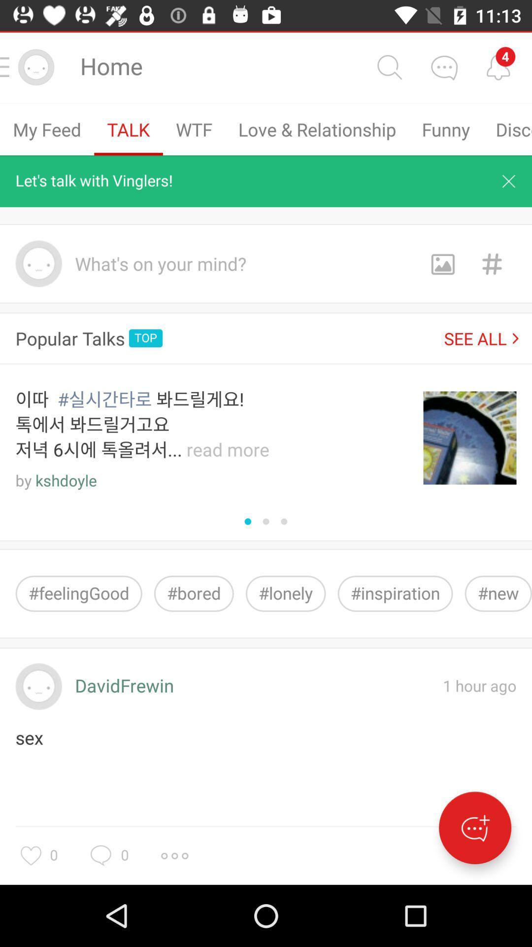 The width and height of the screenshot is (532, 947). What do you see at coordinates (474, 828) in the screenshot?
I see `item below 1 hour ago icon` at bounding box center [474, 828].